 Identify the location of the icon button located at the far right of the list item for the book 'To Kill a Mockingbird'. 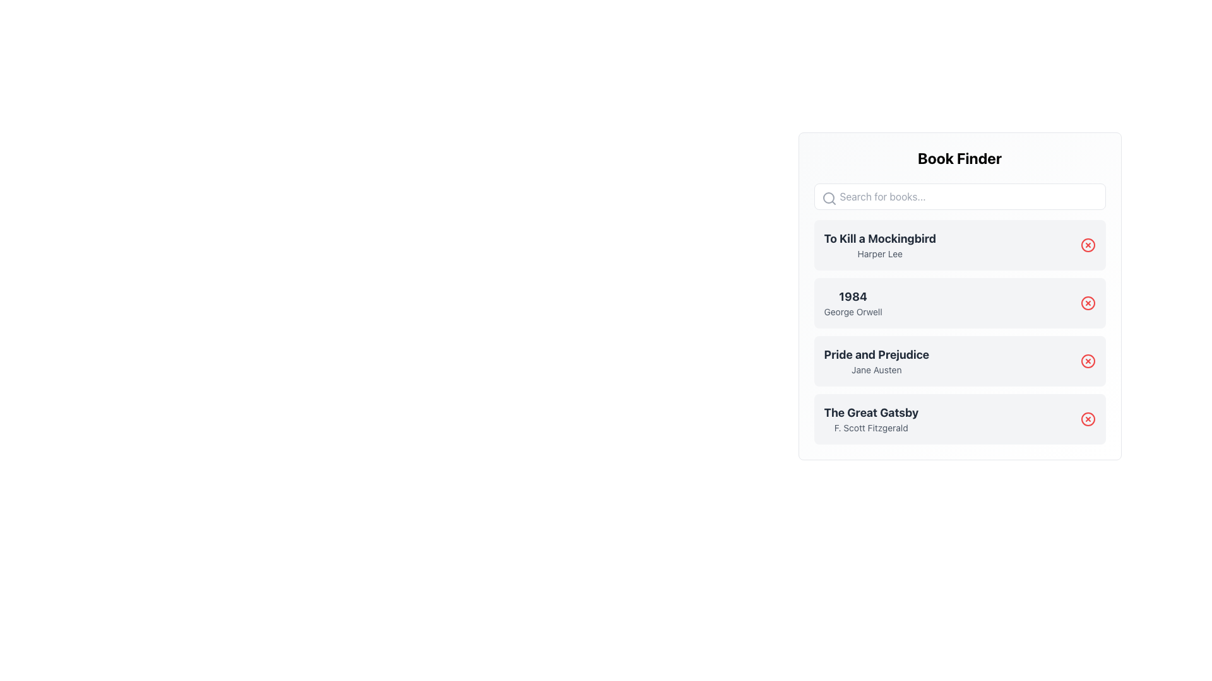
(1087, 245).